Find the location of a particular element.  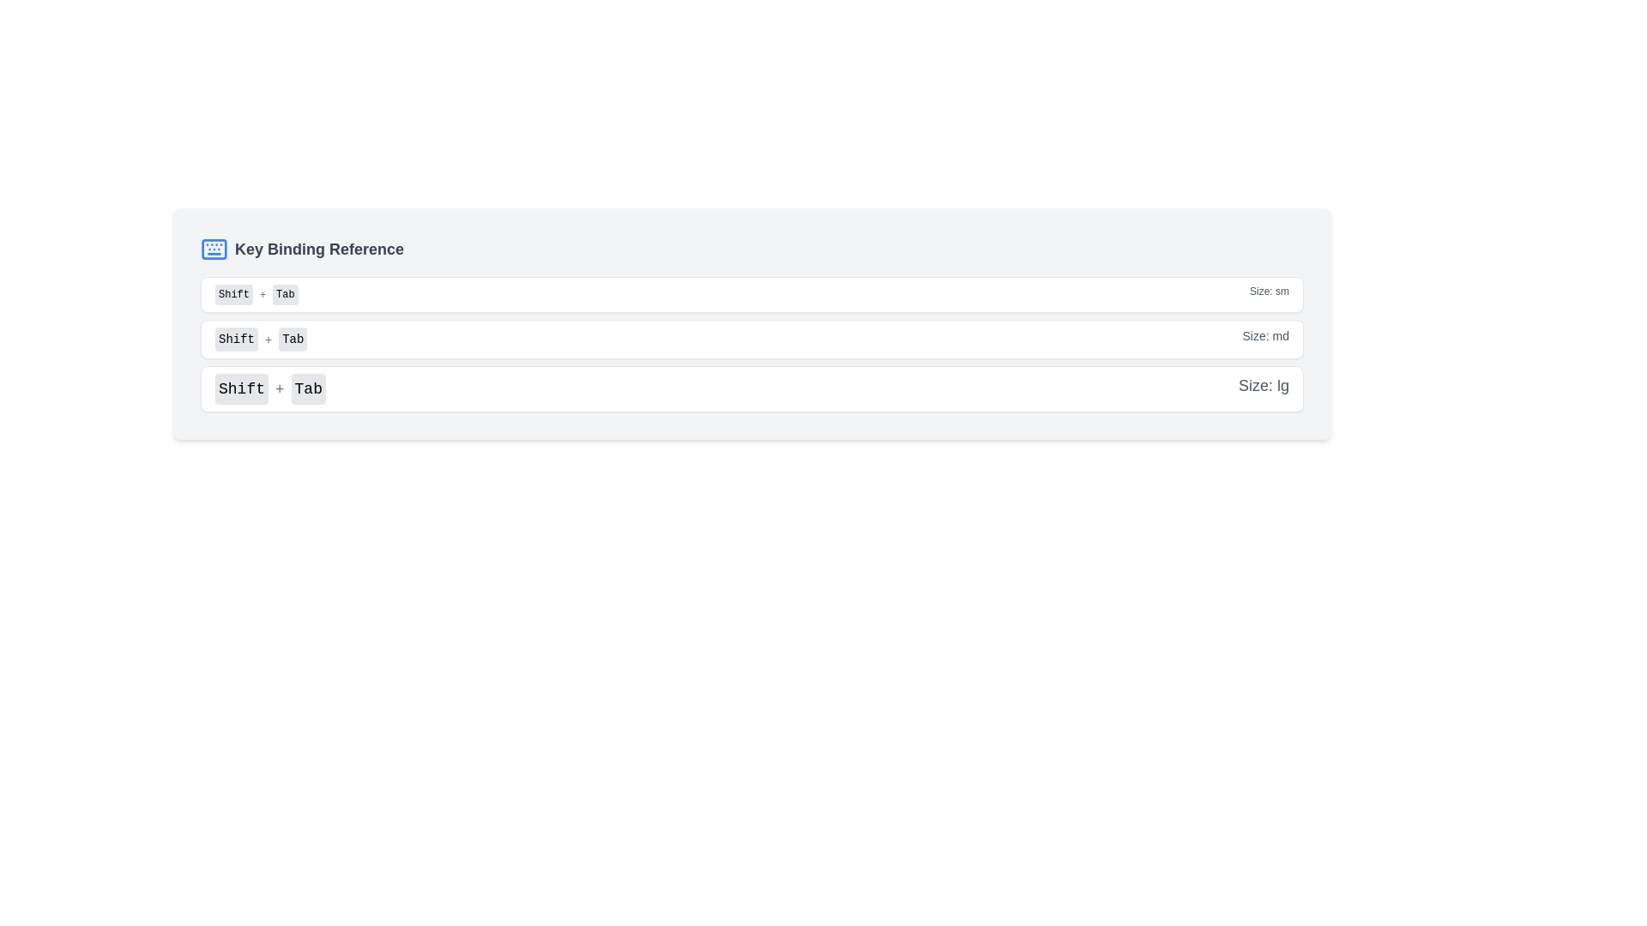

the label displaying the keyboard shortcut 'Shift + Tab', which is located in the first row of a list next to the text 'Size: sm' is located at coordinates (256, 293).